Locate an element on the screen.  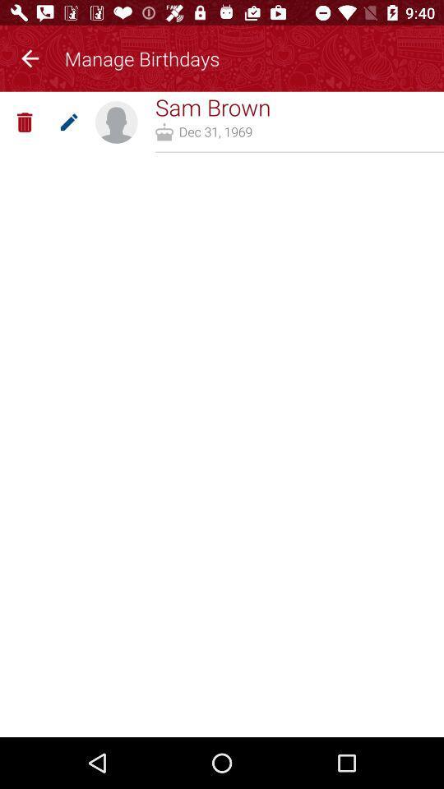
the app to the left of the manage birthdays app is located at coordinates (30, 56).